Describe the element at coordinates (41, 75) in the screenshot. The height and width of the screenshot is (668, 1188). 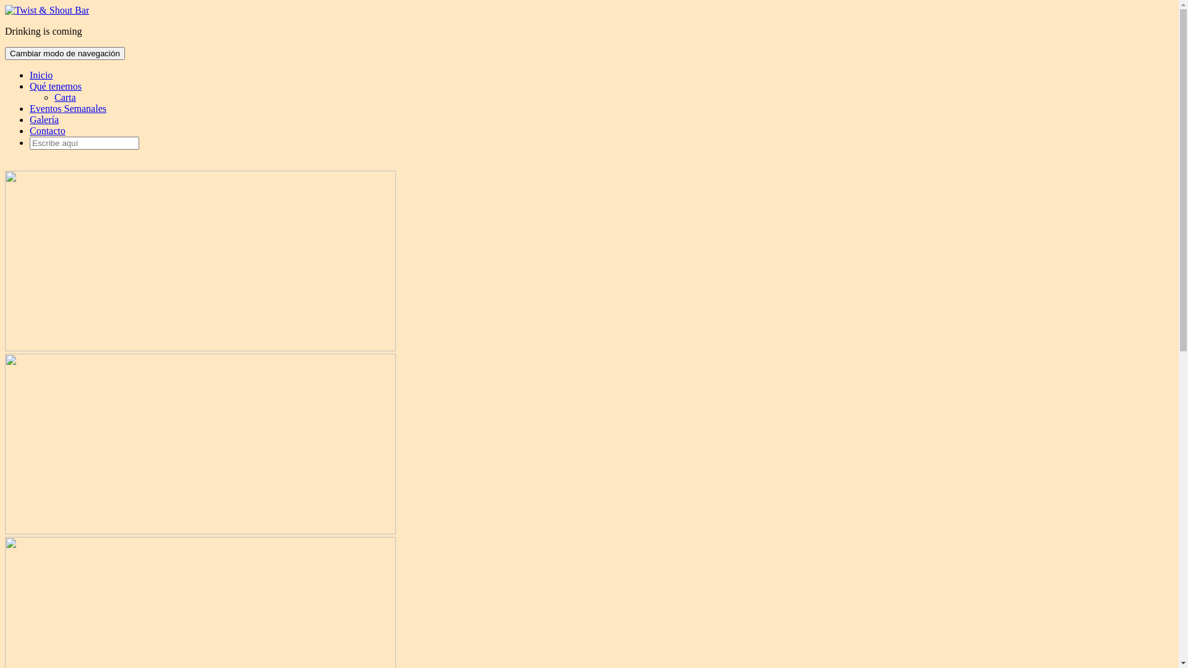
I see `'Inicio'` at that location.